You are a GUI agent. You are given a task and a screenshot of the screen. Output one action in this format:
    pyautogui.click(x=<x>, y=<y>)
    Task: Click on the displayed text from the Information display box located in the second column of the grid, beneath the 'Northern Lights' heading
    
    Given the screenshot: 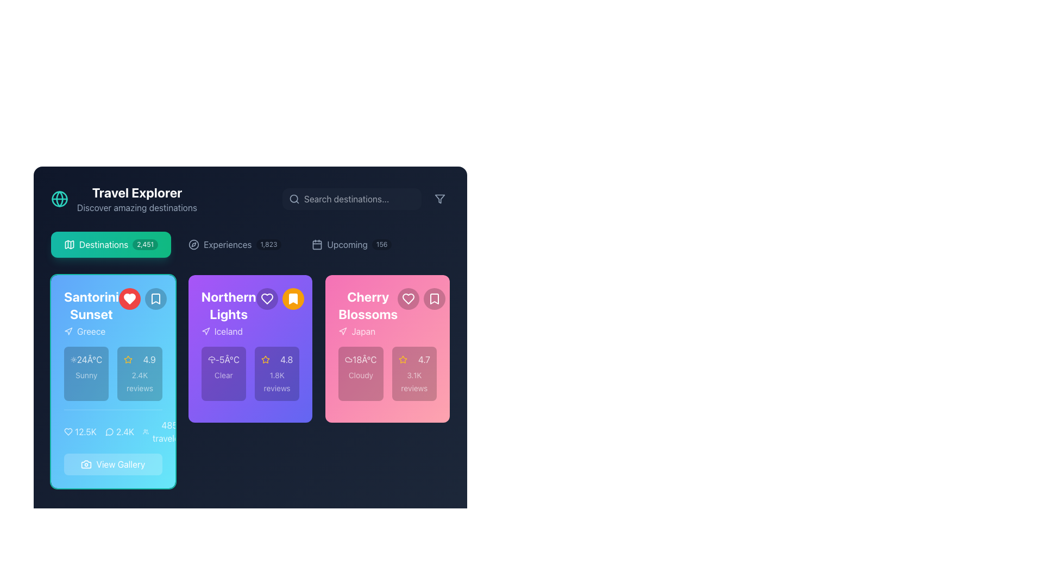 What is the action you would take?
    pyautogui.click(x=223, y=373)
    